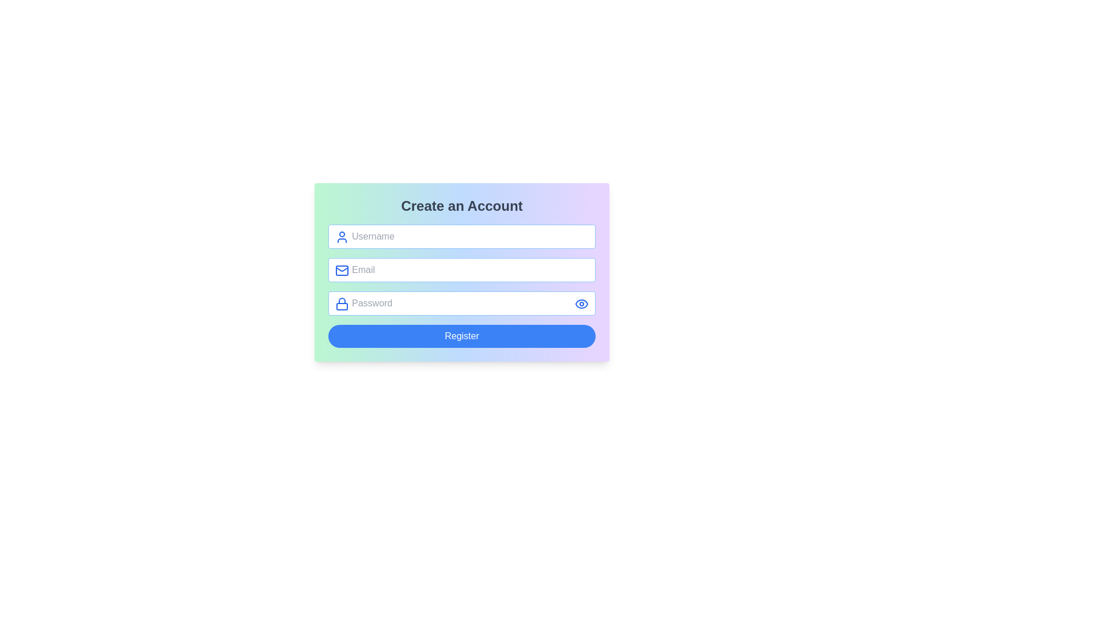 This screenshot has width=1106, height=622. I want to click on the visual indicator icon located inside the 'Username' input field, positioned to the left of the text input area, so click(342, 237).